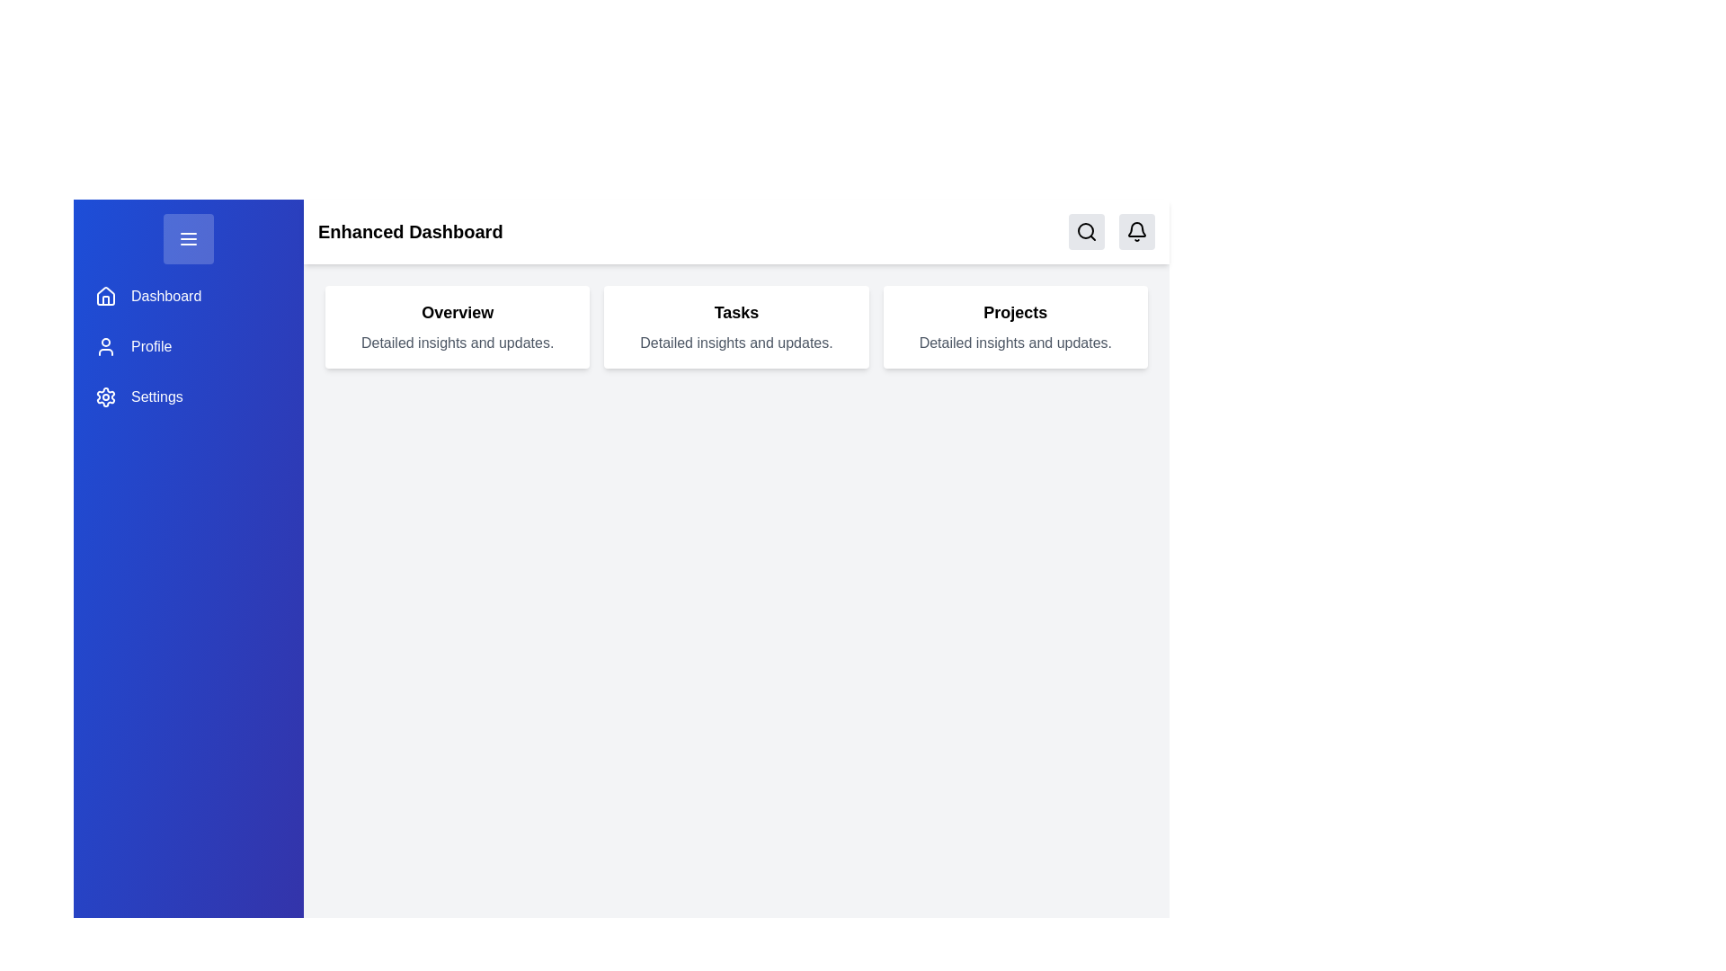  What do you see at coordinates (189, 296) in the screenshot?
I see `the Navigational Link that consists of a house icon and the word 'Dashboard' in white, which is highlighted on hover, located in the sidebar menu` at bounding box center [189, 296].